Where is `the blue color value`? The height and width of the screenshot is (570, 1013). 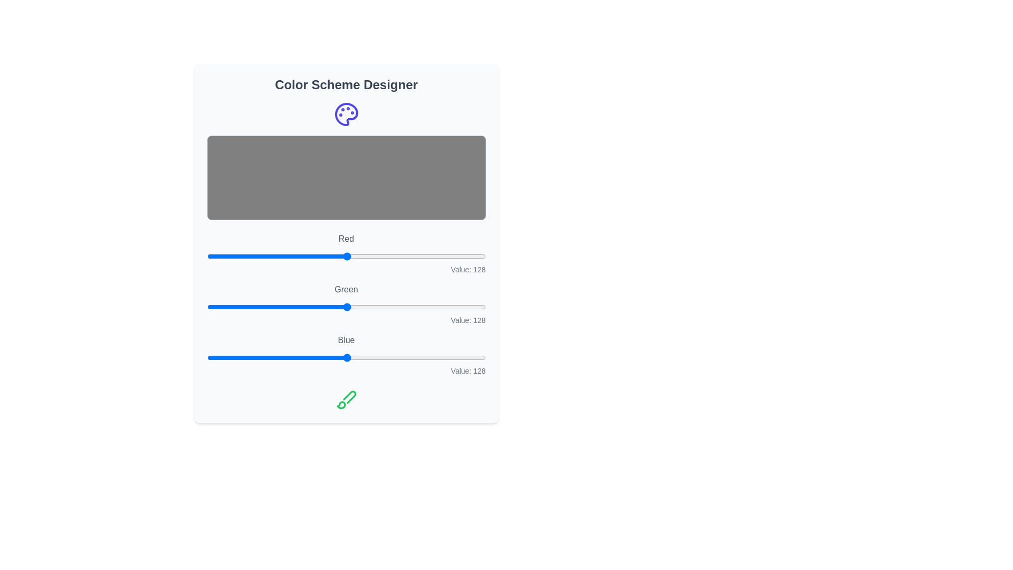
the blue color value is located at coordinates (435, 357).